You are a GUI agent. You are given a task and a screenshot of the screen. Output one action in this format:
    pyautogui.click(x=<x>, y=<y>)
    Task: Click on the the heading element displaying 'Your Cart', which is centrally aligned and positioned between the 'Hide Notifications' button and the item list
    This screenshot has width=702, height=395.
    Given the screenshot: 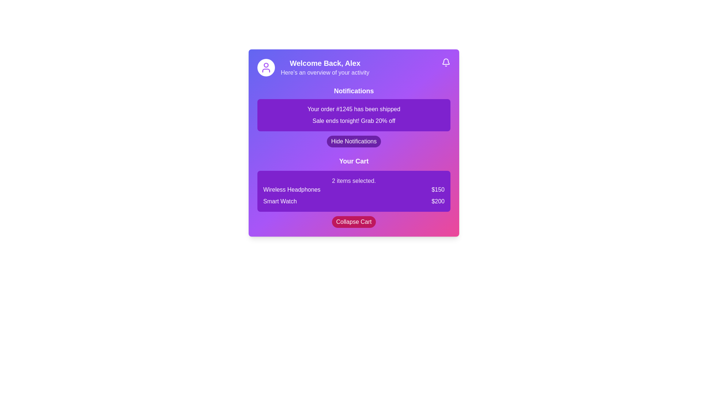 What is the action you would take?
    pyautogui.click(x=354, y=161)
    